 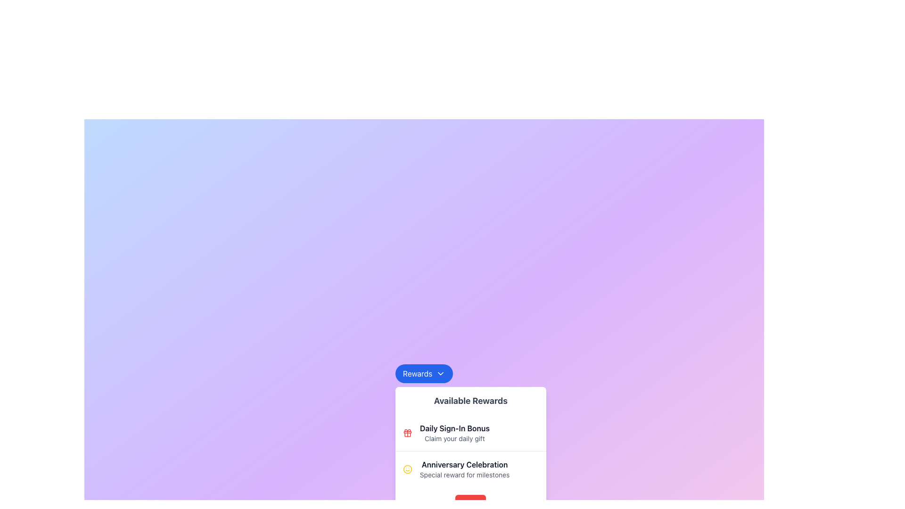 What do you see at coordinates (470, 433) in the screenshot?
I see `the Informational Section displaying 'Daily Sign-In Bonus' with the gift box icon` at bounding box center [470, 433].